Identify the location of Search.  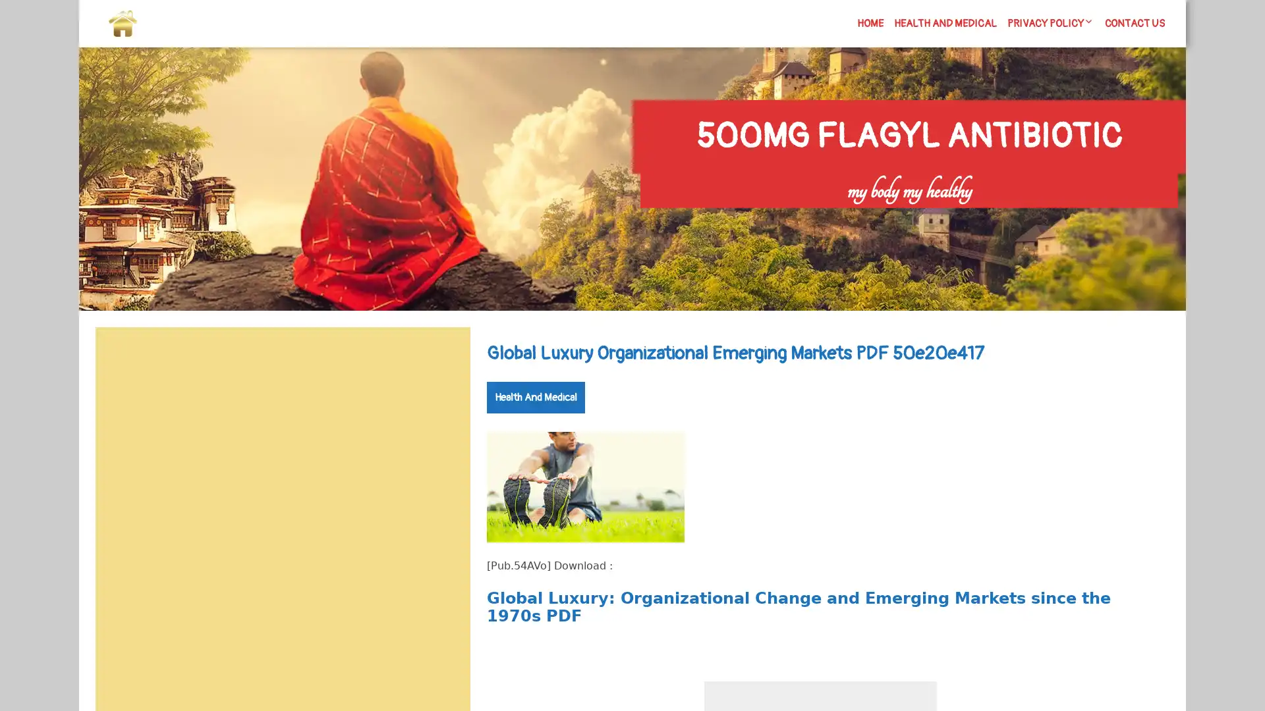
(1026, 215).